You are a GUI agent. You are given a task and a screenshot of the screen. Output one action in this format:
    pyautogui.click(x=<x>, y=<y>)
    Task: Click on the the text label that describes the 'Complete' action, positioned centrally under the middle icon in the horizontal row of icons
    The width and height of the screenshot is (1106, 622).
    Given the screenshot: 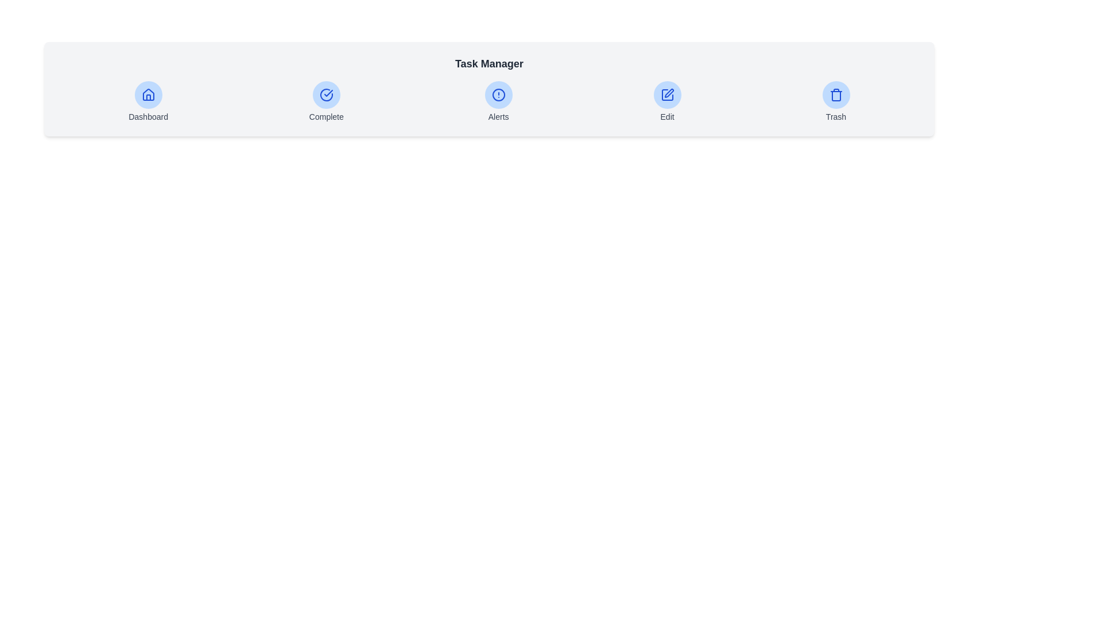 What is the action you would take?
    pyautogui.click(x=325, y=117)
    